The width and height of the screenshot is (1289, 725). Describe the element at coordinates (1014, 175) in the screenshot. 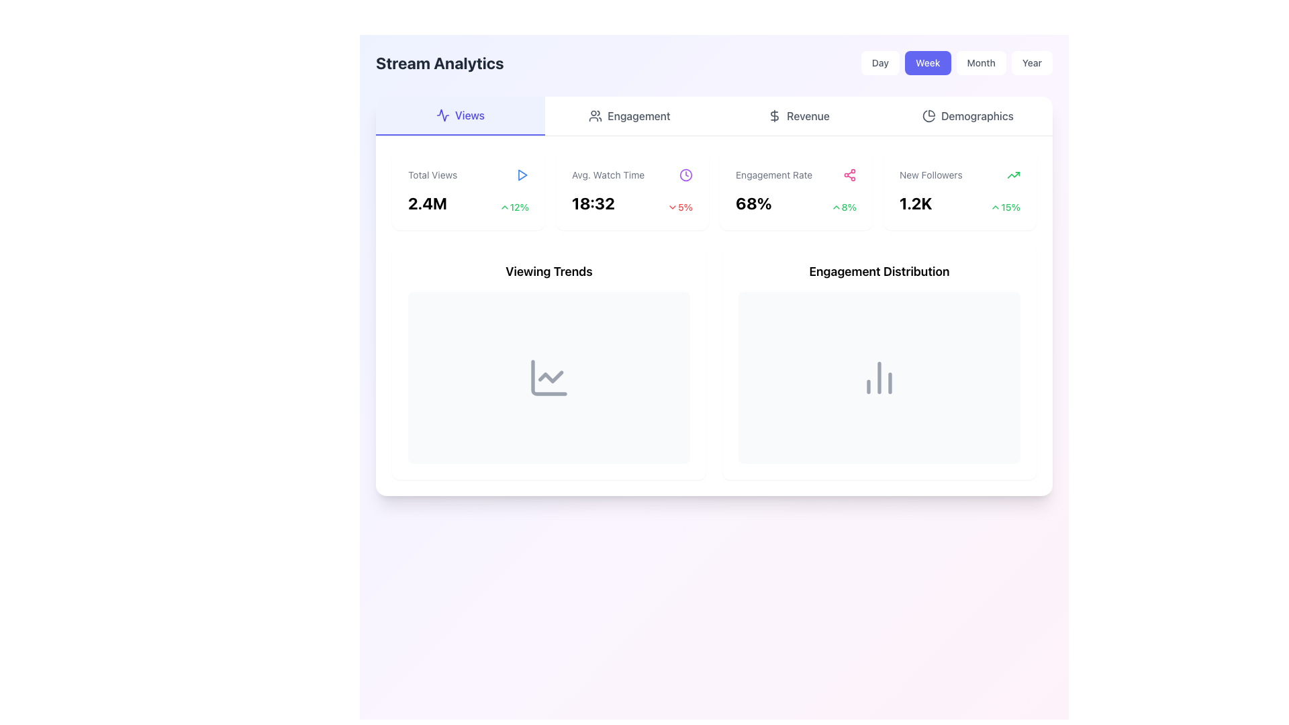

I see `the green upward trending arrow icon located to the right of the '1.2K' text within the 'New Followers' section` at that location.